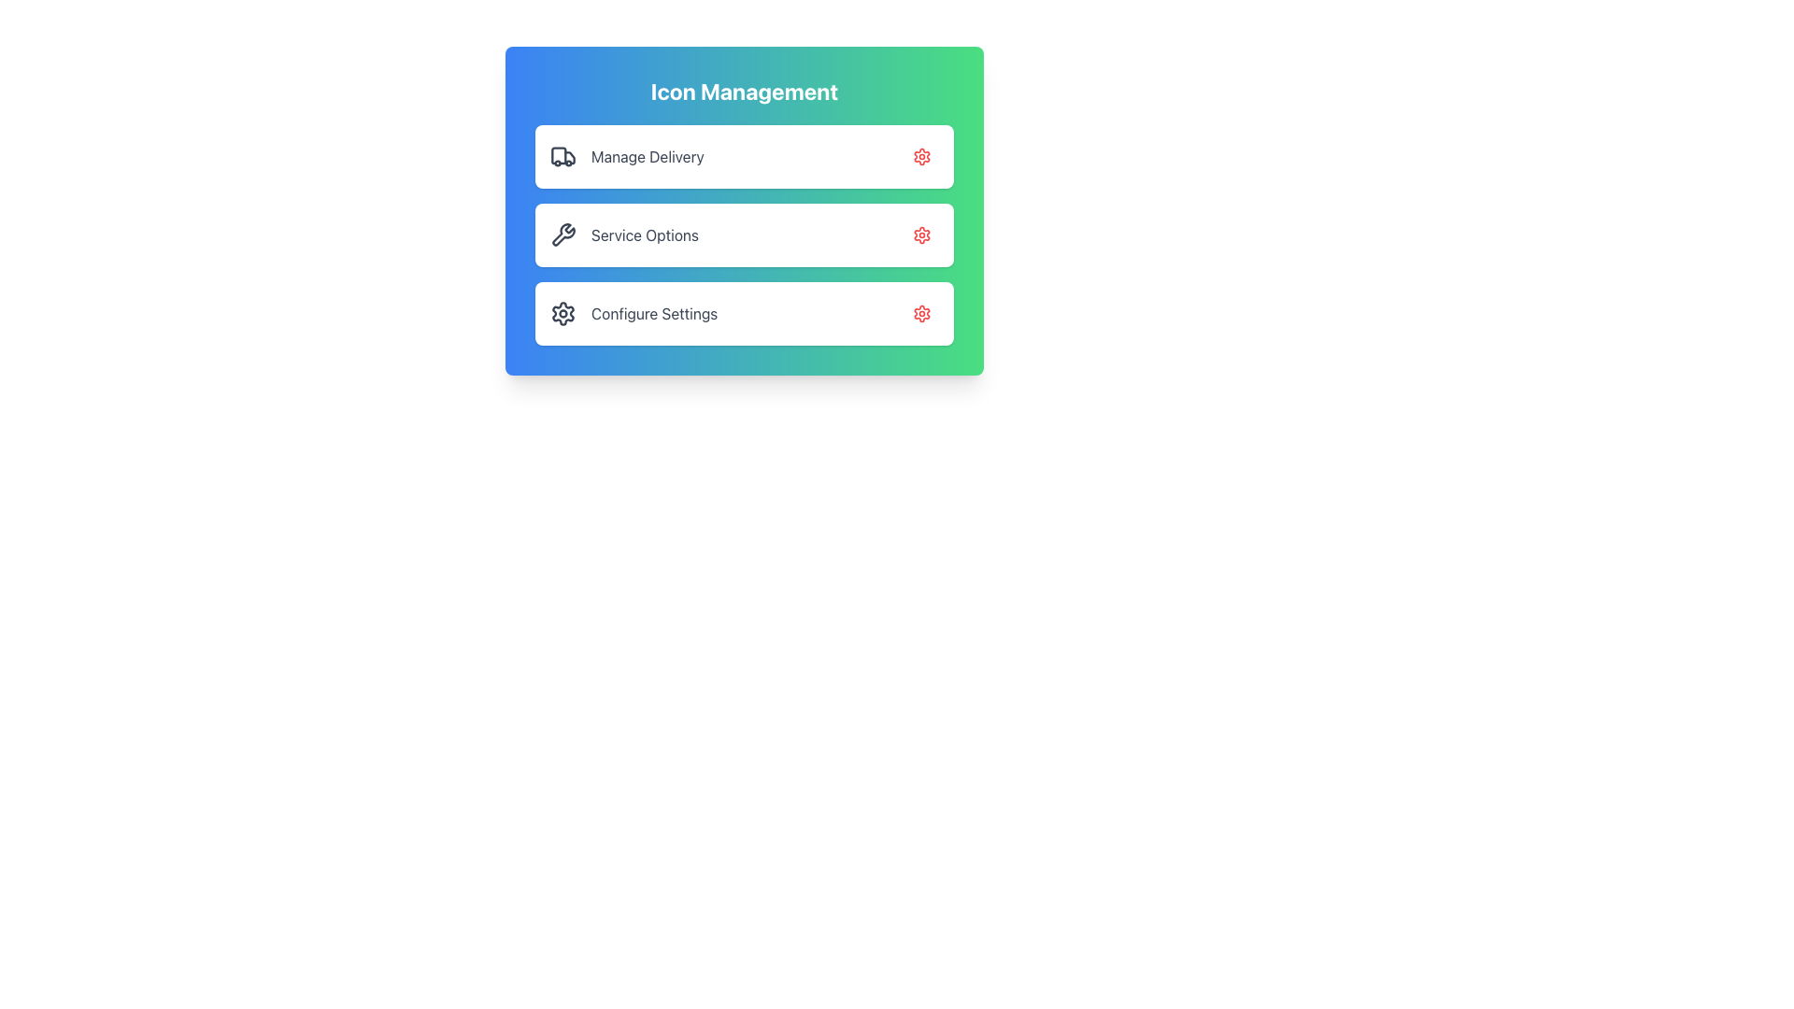 The width and height of the screenshot is (1794, 1009). I want to click on the wrench SVG icon, so click(562, 234).